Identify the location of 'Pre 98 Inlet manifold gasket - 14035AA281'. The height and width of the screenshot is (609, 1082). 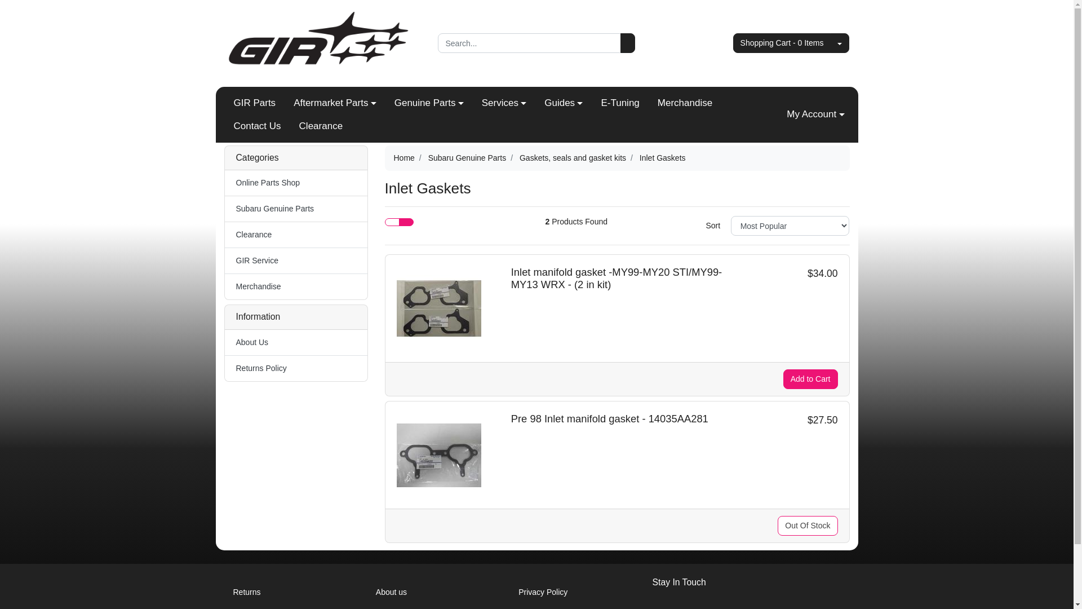
(609, 418).